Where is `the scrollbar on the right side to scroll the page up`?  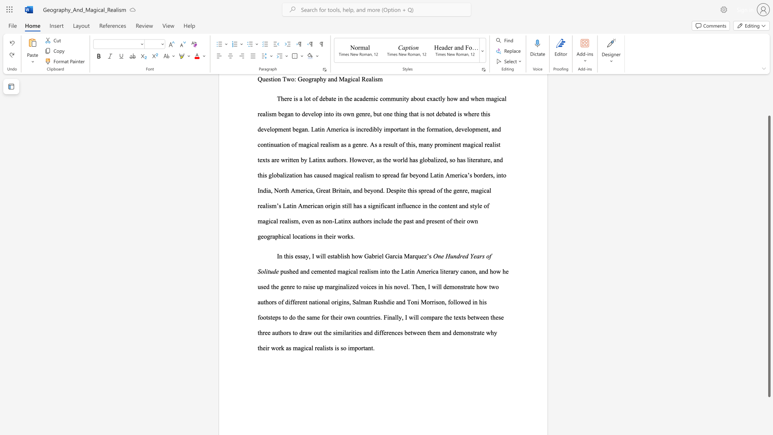
the scrollbar on the right side to scroll the page up is located at coordinates (769, 88).